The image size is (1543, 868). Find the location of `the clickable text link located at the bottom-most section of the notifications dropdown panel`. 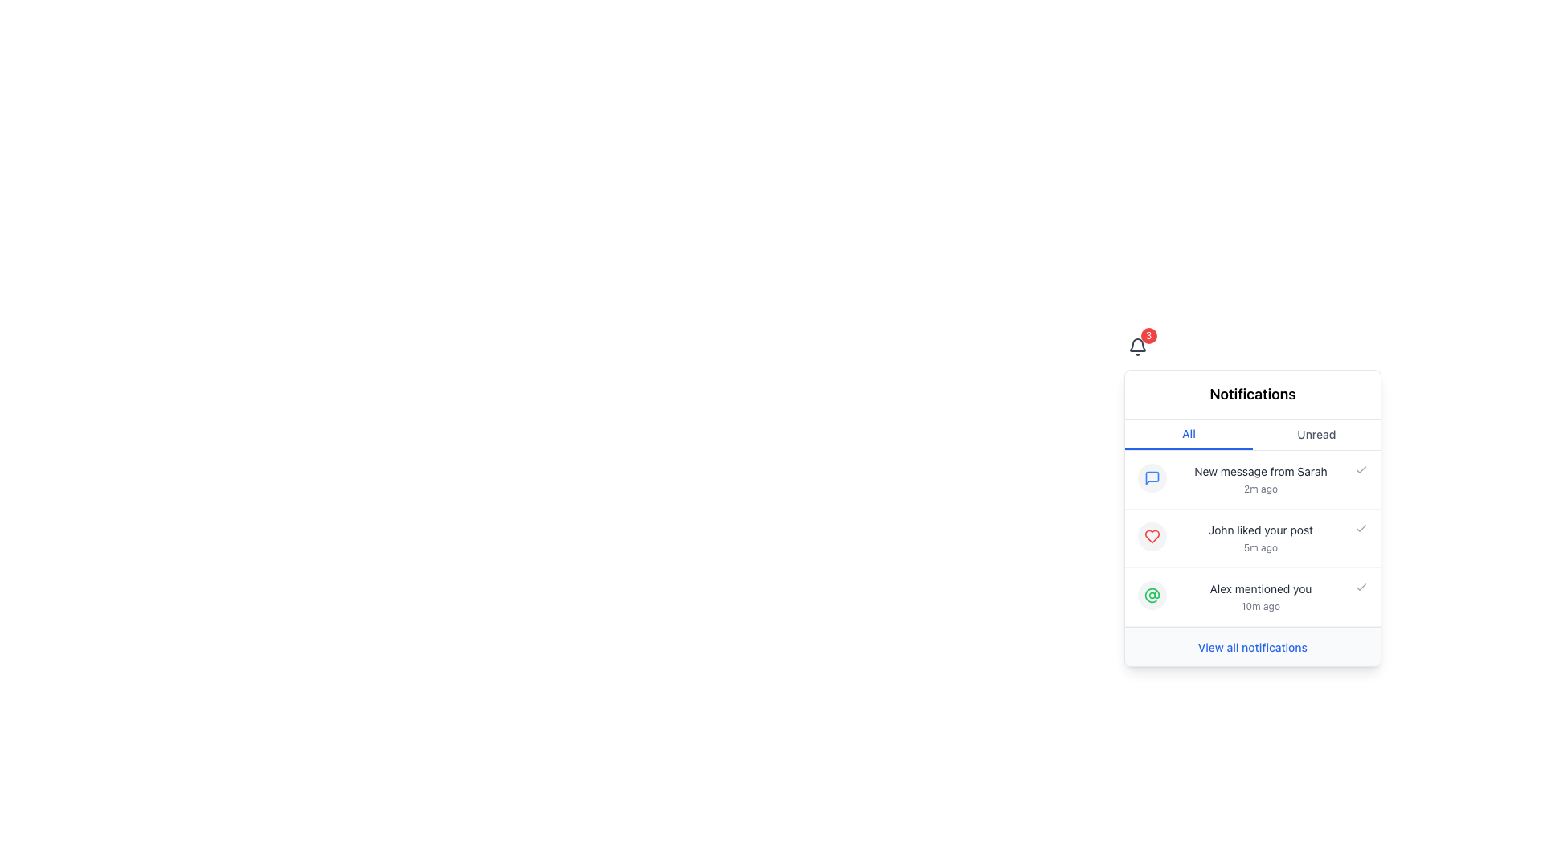

the clickable text link located at the bottom-most section of the notifications dropdown panel is located at coordinates (1252, 645).